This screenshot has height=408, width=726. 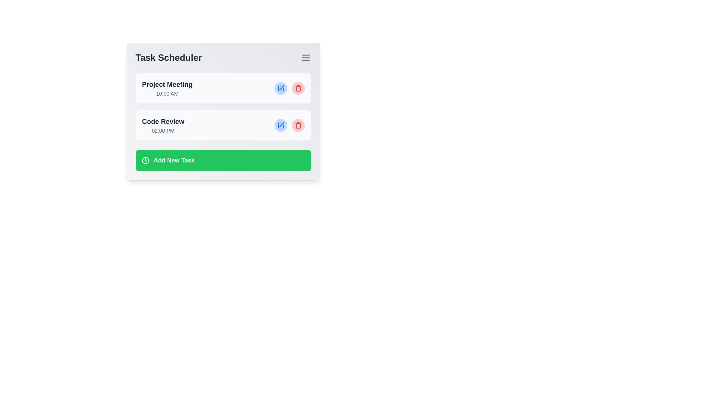 I want to click on text label displaying 'Project Meeting' which is bold and large, located at the top-left of the task scheduler interface, so click(x=167, y=84).